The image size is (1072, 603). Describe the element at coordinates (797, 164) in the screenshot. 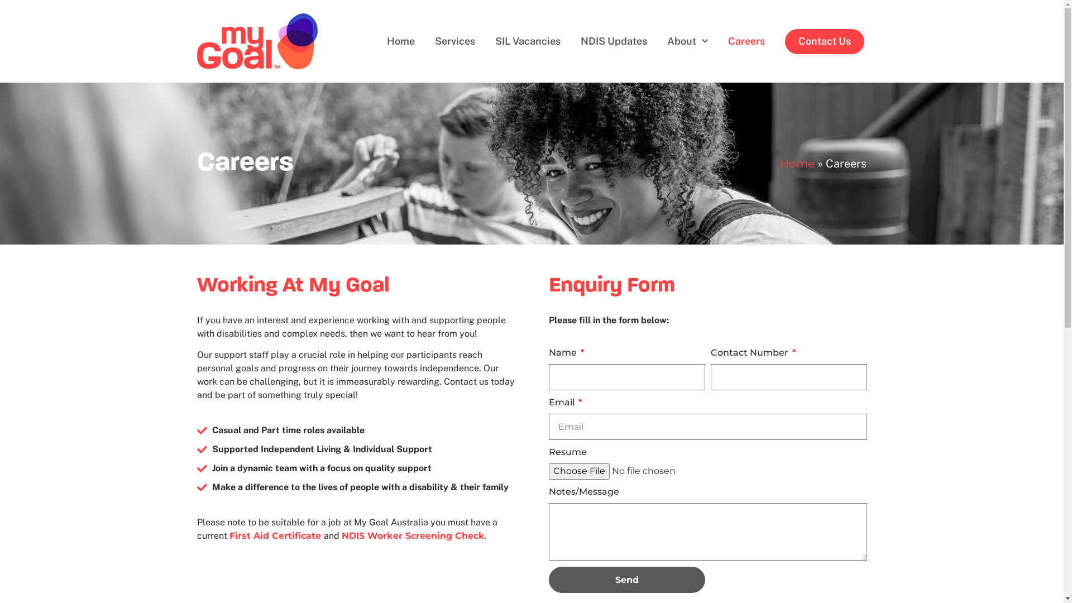

I see `'Home'` at that location.